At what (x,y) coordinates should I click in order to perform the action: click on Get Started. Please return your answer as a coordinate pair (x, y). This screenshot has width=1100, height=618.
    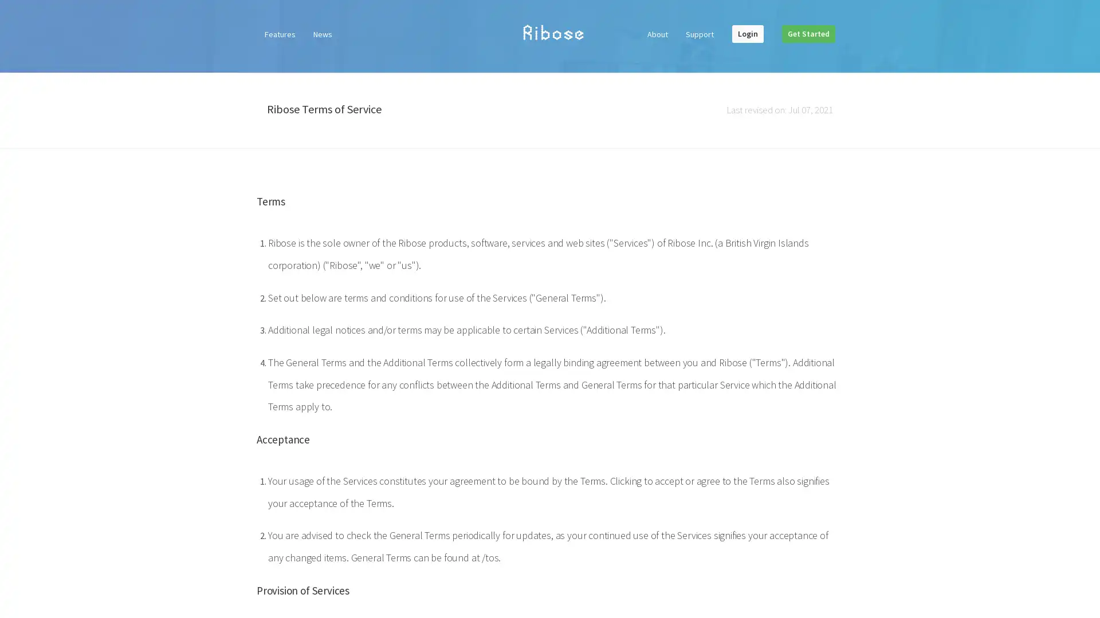
    Looking at the image, I should click on (808, 33).